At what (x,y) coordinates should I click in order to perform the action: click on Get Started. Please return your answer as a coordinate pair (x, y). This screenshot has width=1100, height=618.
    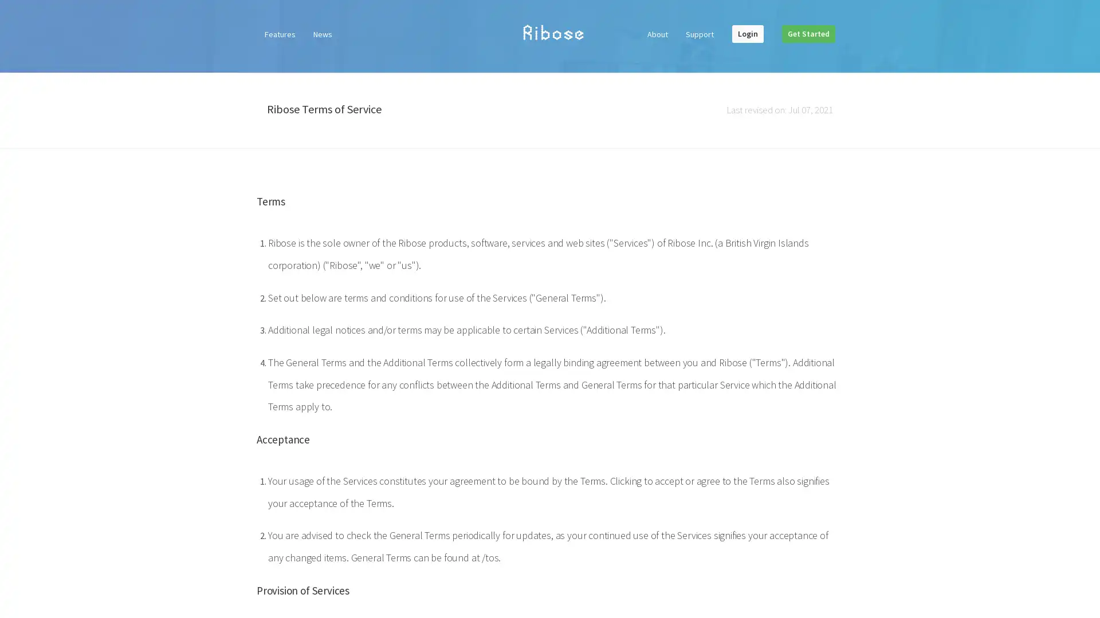
    Looking at the image, I should click on (808, 33).